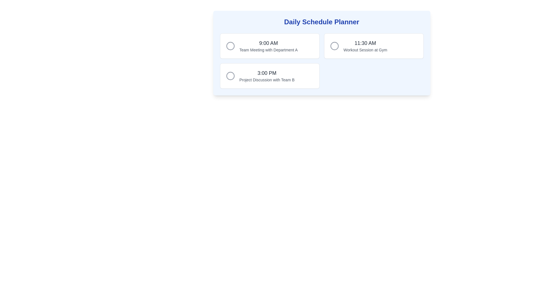 This screenshot has width=543, height=305. I want to click on text label indicating the description or details of the scheduled event, positioned beneath the '9:00 AM' time slot and beside the circular radio button selector, so click(268, 50).